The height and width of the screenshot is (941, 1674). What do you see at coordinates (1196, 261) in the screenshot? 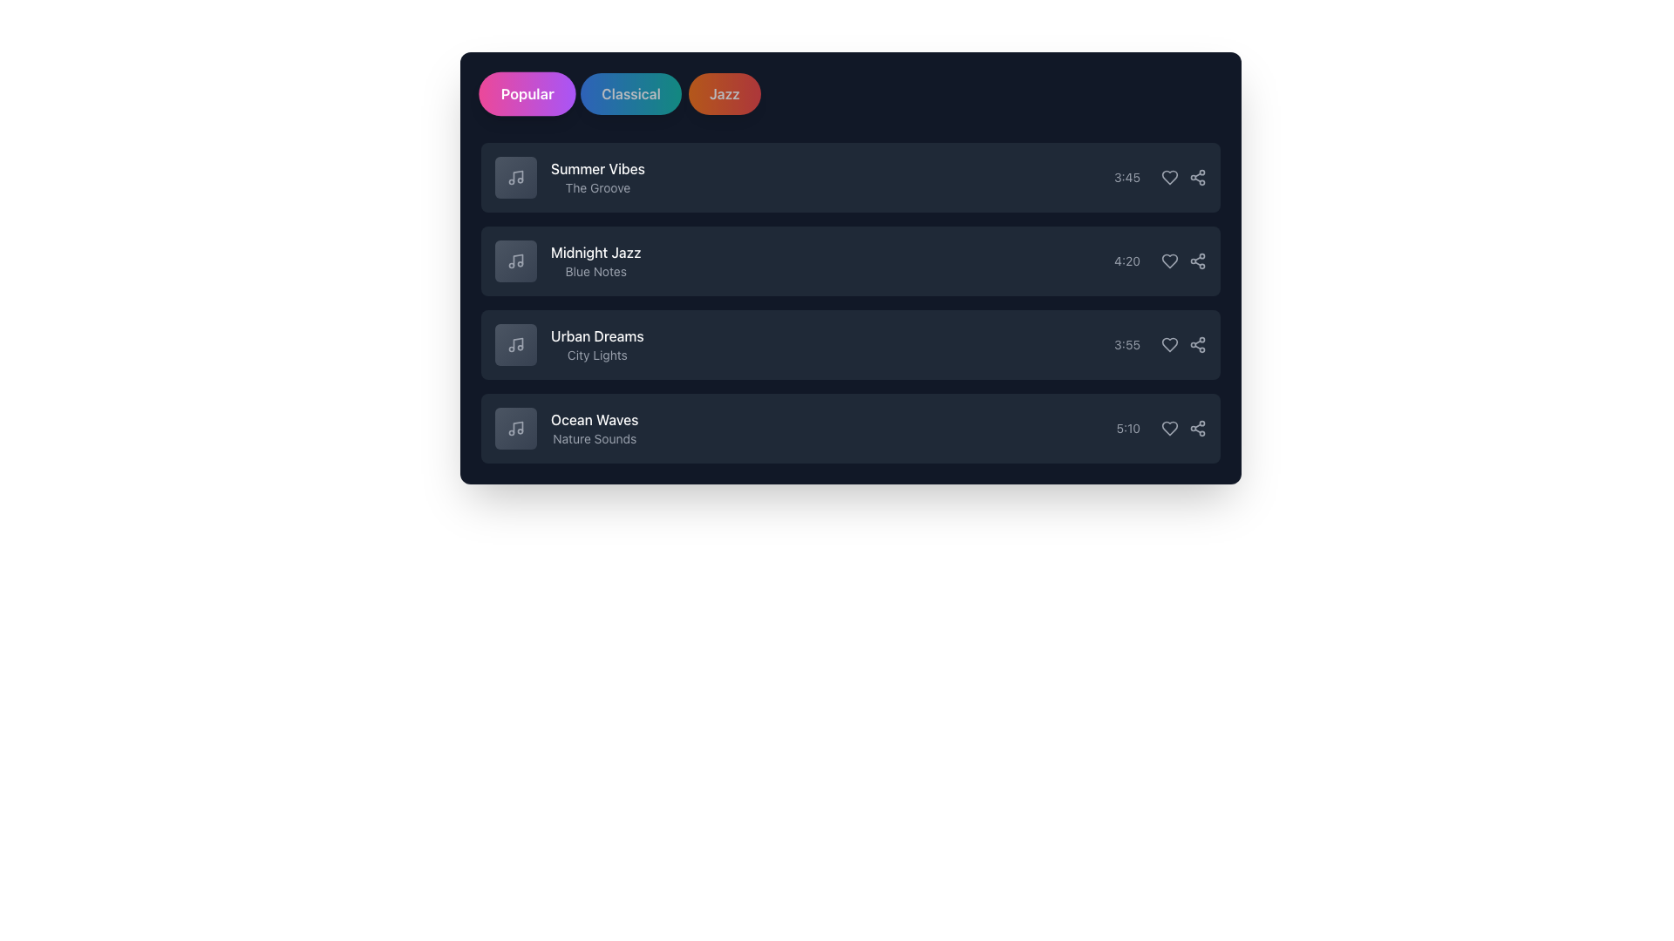
I see `the Share button icon, which is a gray triangular pattern made of three connected circles, located at the far right of the second entry in a list of interactive controls` at bounding box center [1196, 261].